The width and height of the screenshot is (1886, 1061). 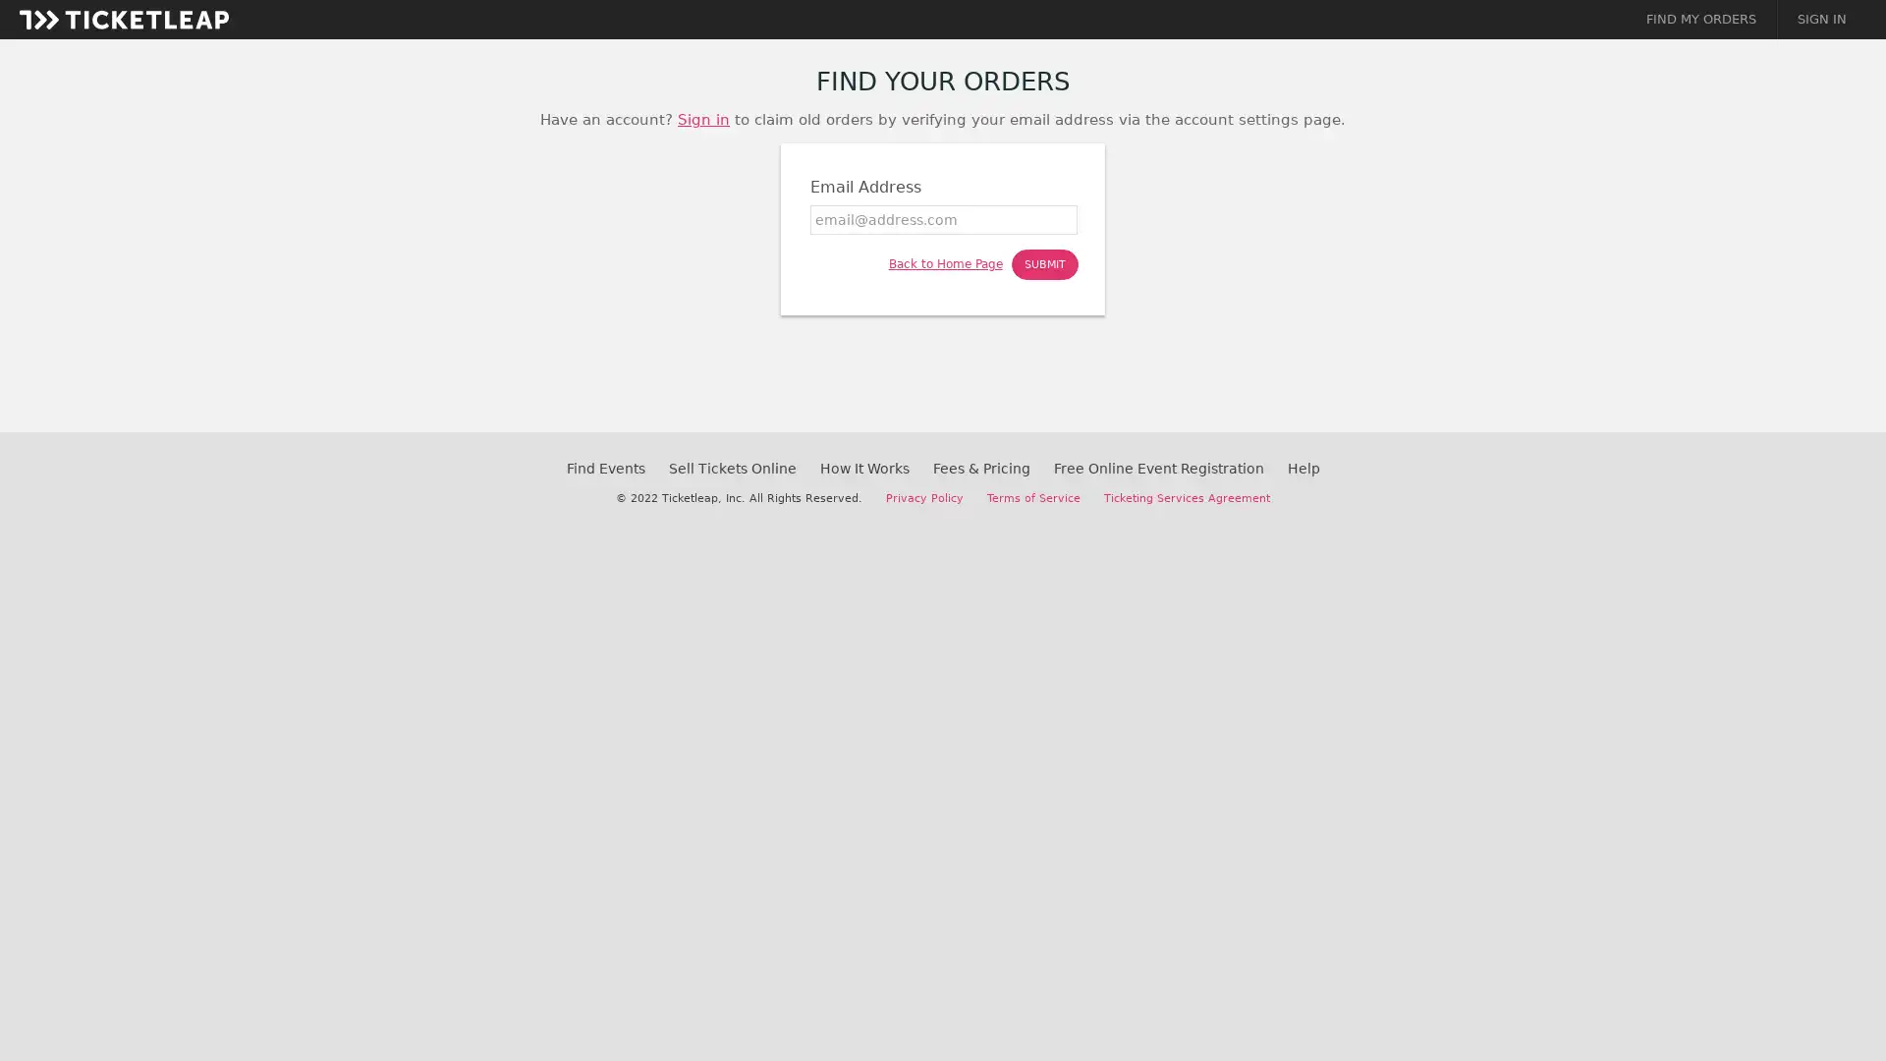 What do you see at coordinates (1042, 263) in the screenshot?
I see `SUBMIT` at bounding box center [1042, 263].